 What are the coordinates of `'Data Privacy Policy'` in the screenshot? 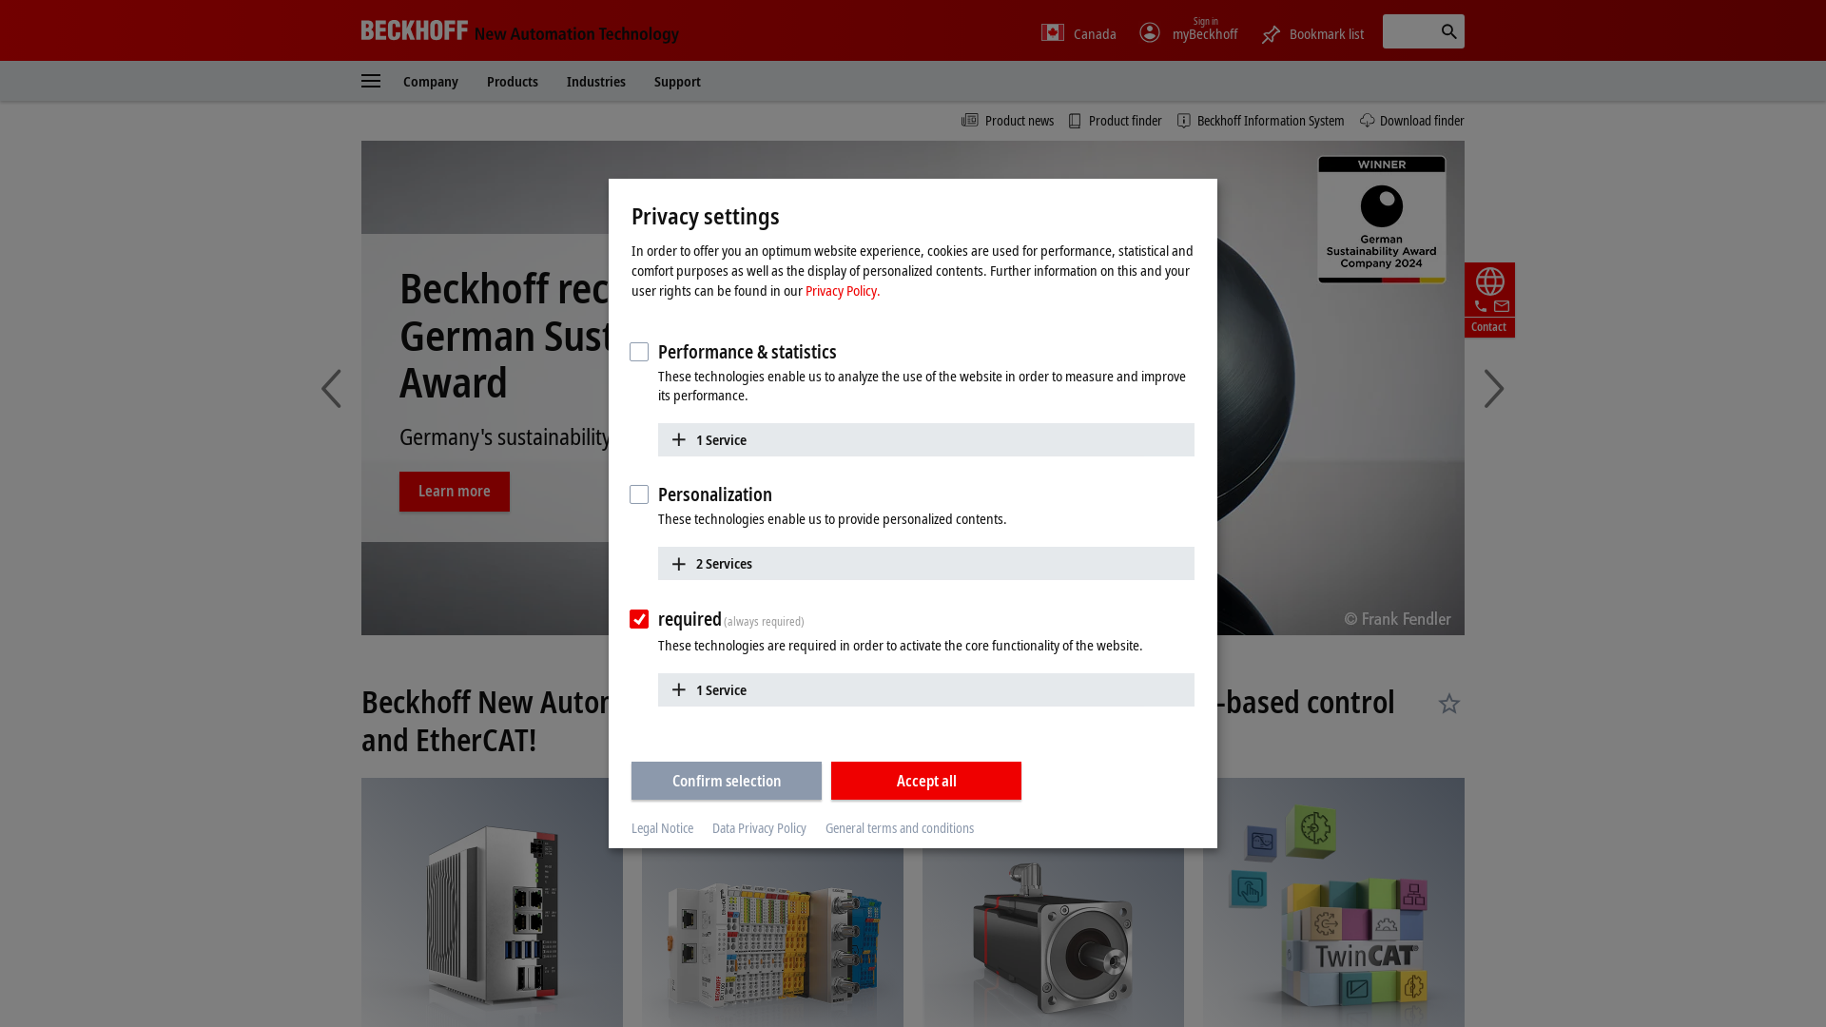 It's located at (758, 826).